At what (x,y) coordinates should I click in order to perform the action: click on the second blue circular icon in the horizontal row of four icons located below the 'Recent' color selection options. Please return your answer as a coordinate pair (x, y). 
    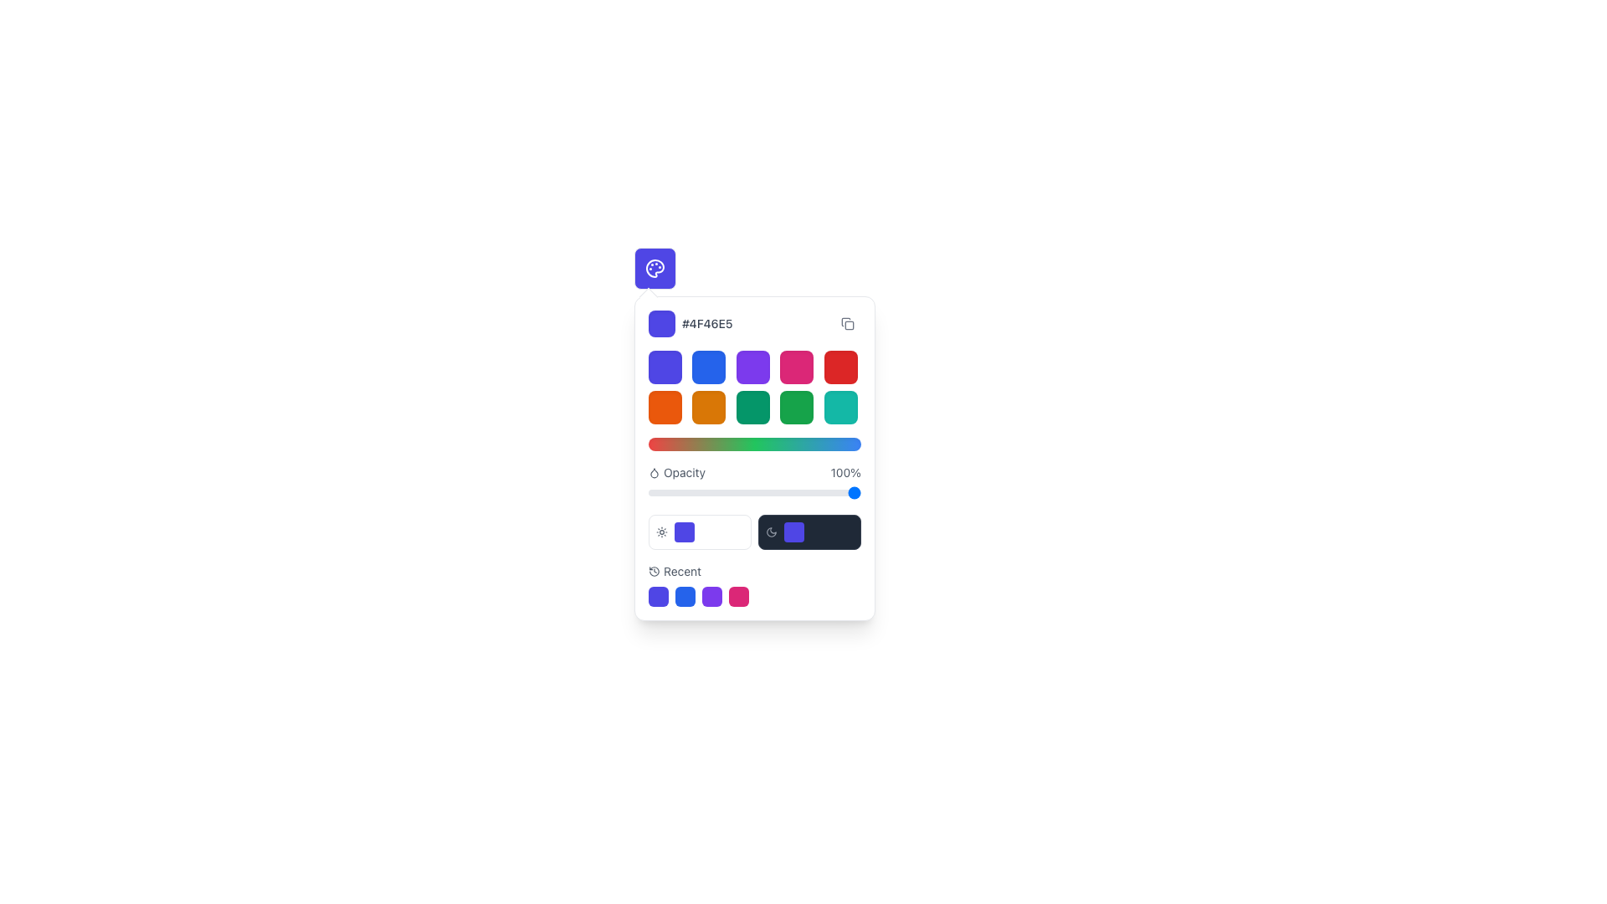
    Looking at the image, I should click on (685, 596).